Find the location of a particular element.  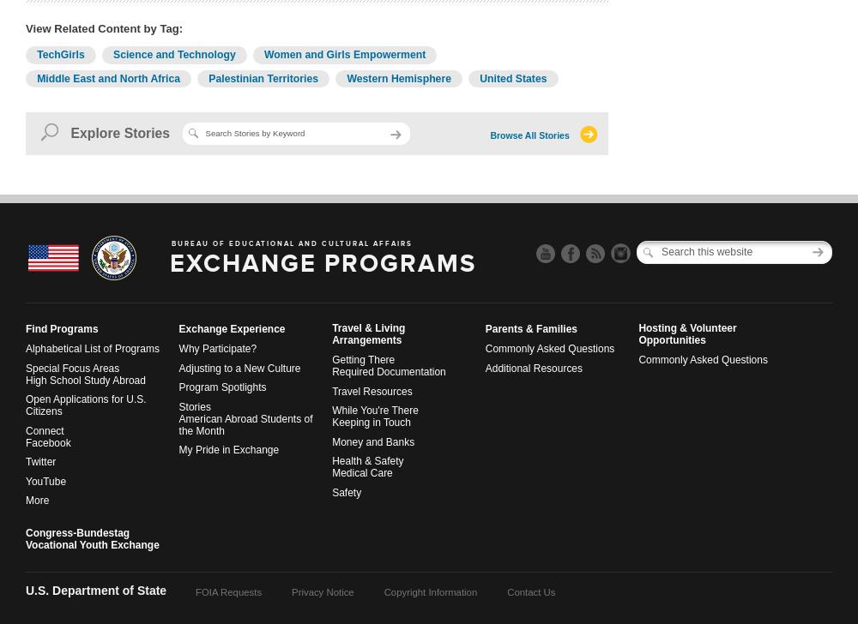

'Women and Girls Empowerment' is located at coordinates (263, 54).